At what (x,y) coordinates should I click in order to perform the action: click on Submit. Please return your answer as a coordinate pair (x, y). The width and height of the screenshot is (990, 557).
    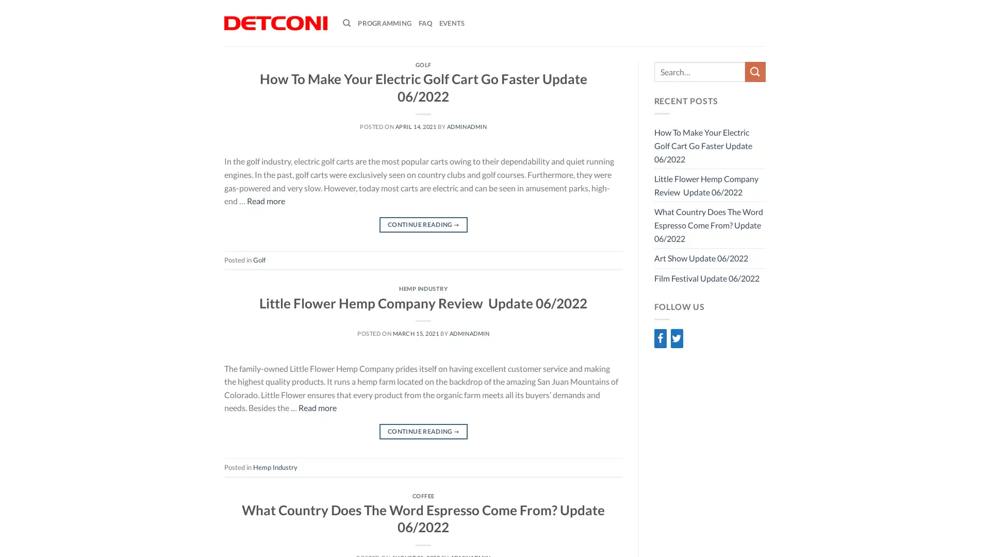
    Looking at the image, I should click on (755, 71).